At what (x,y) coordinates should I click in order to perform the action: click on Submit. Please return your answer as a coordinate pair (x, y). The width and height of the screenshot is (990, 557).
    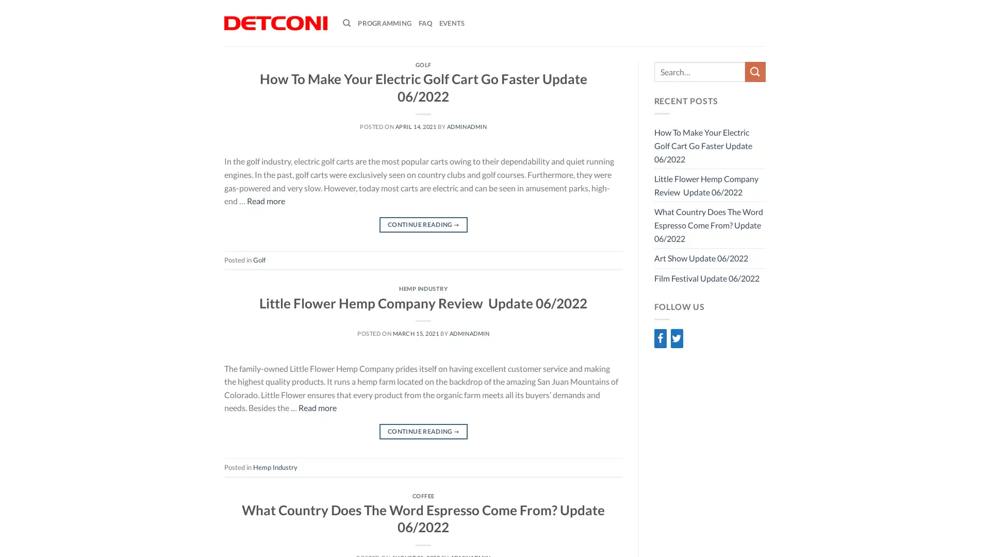
    Looking at the image, I should click on (755, 71).